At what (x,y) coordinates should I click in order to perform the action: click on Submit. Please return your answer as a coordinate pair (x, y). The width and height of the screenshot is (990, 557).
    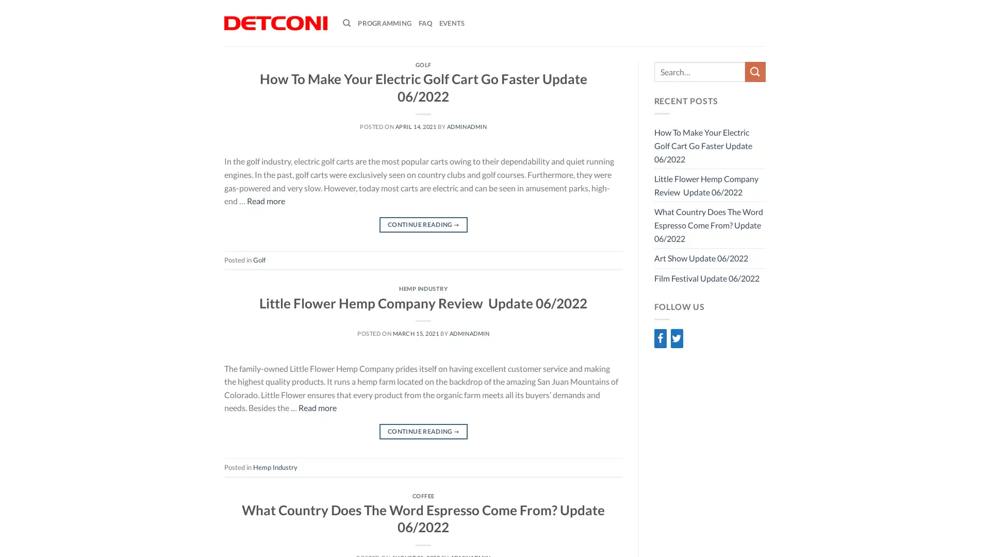
    Looking at the image, I should click on (755, 71).